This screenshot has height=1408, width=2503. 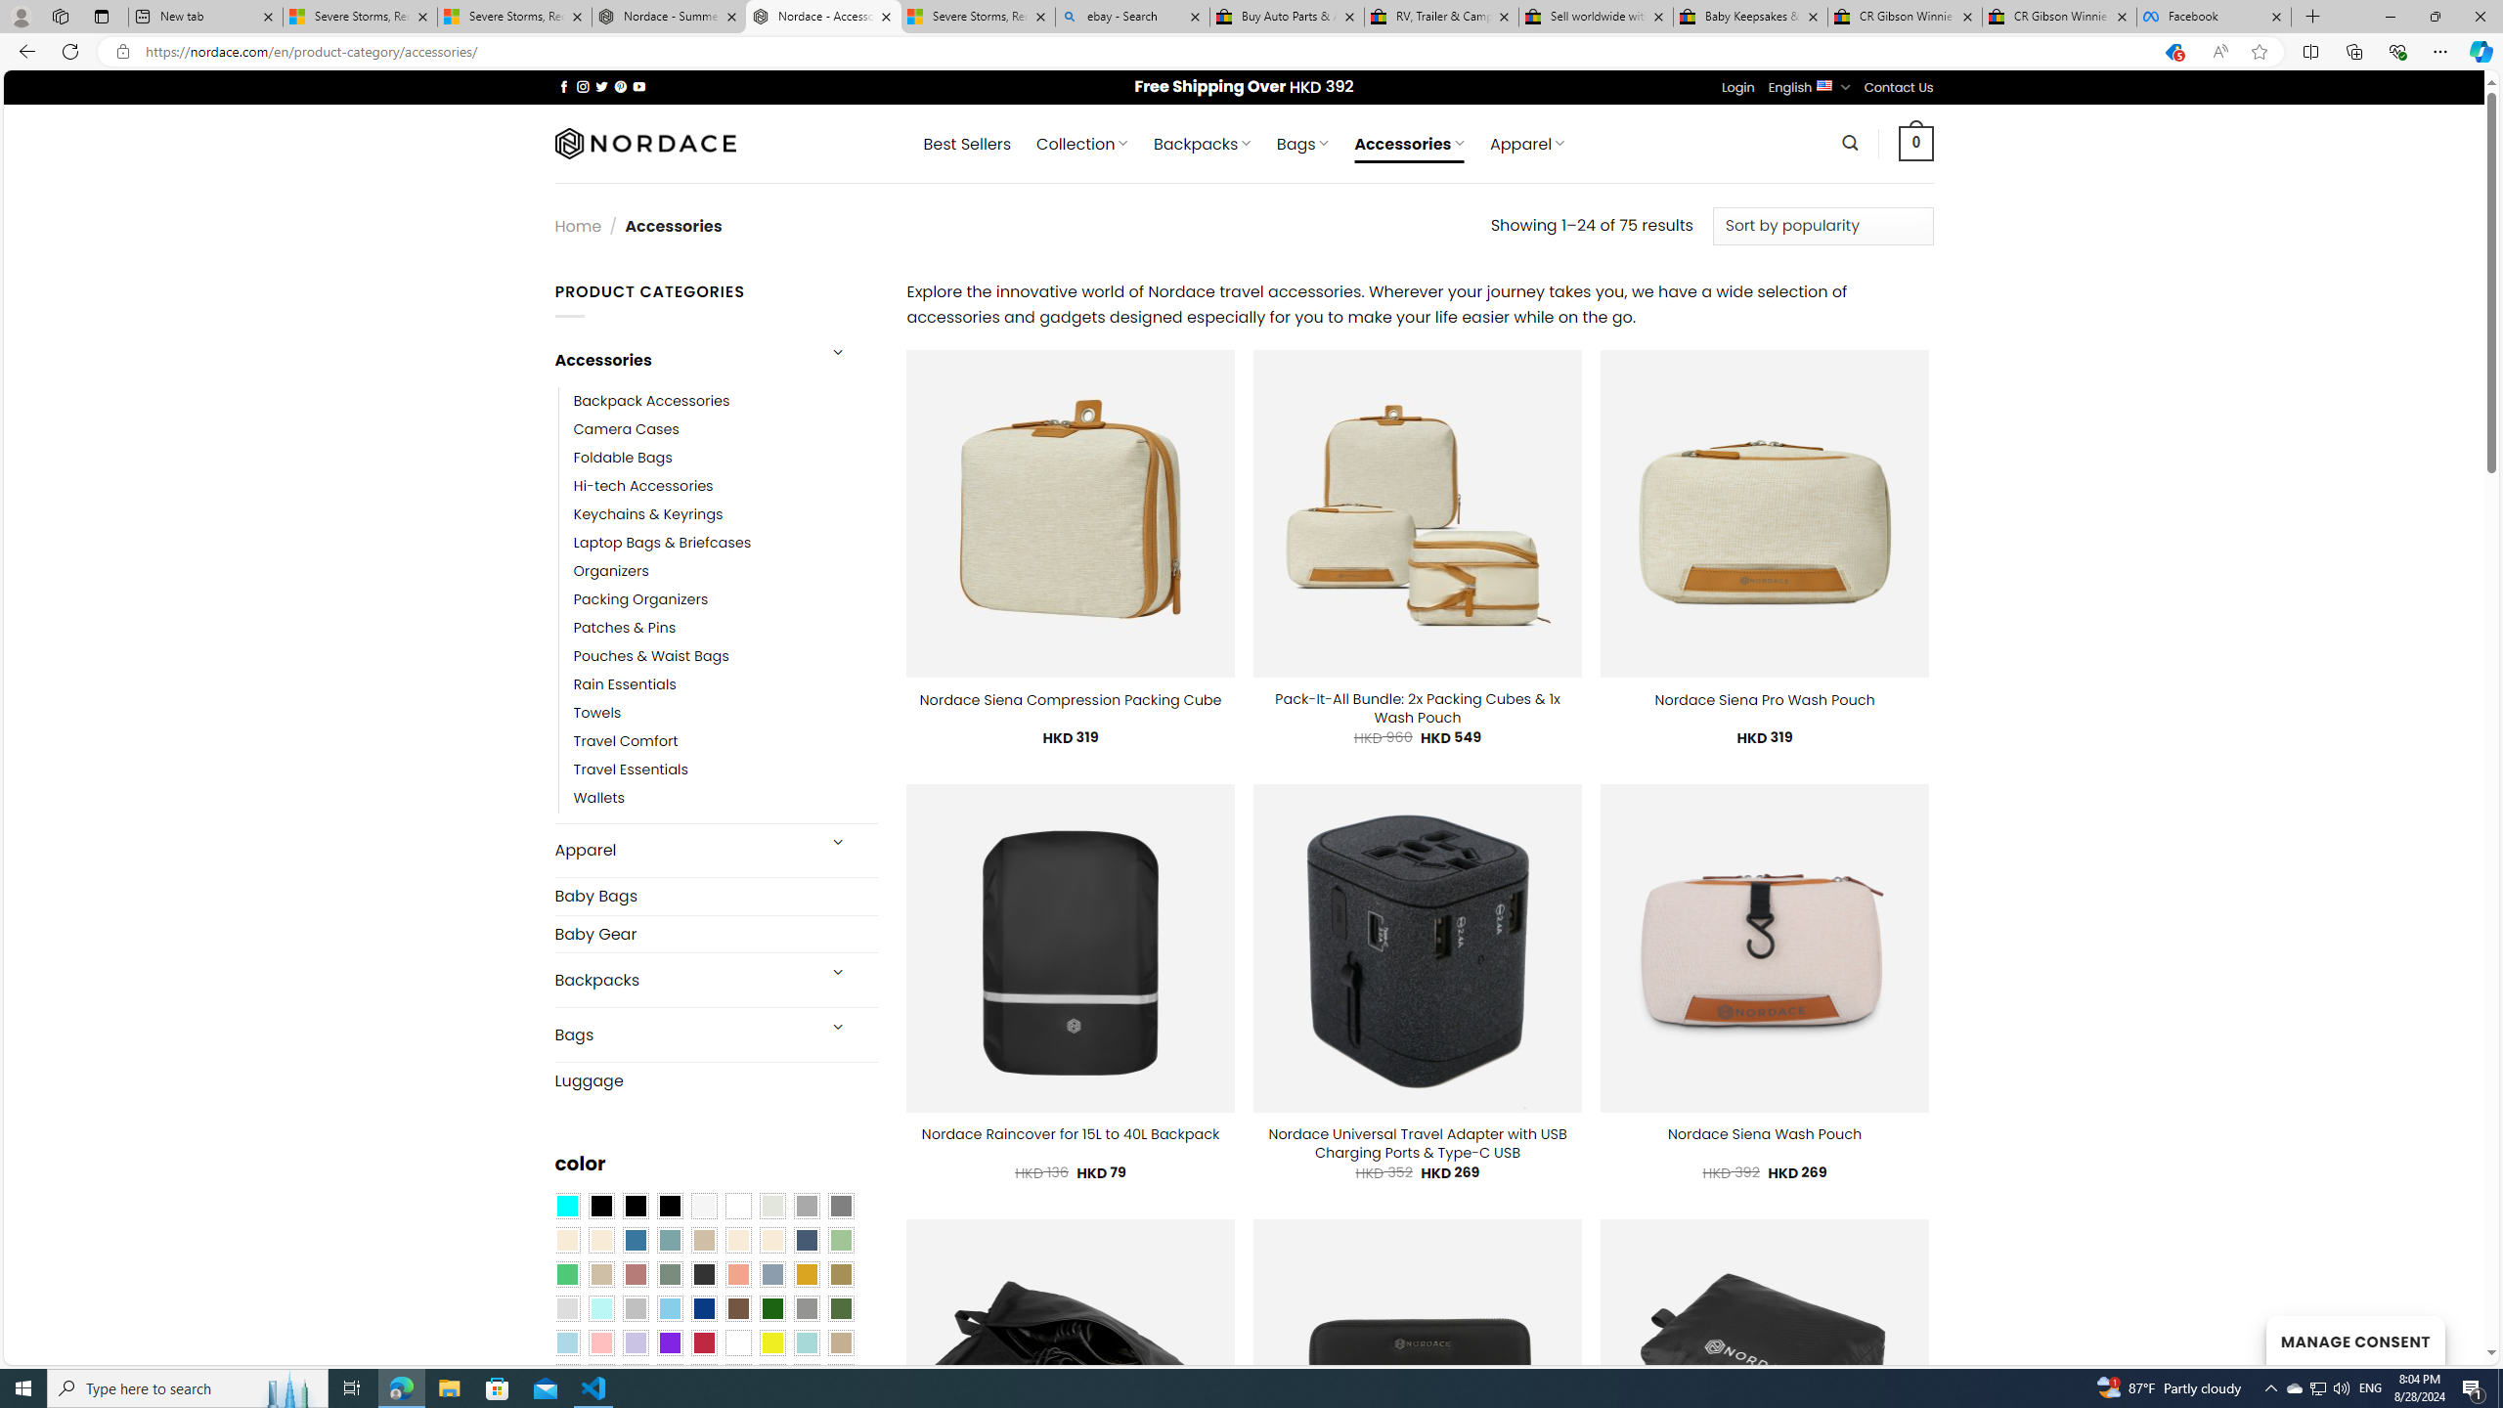 I want to click on 'Towels', so click(x=725, y=713).